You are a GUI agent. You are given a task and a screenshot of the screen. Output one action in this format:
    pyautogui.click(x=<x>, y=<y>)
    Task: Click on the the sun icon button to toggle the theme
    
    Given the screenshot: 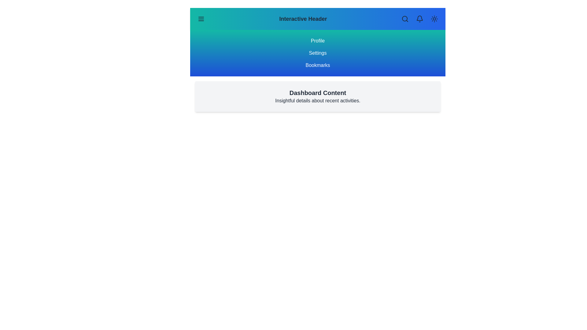 What is the action you would take?
    pyautogui.click(x=434, y=18)
    